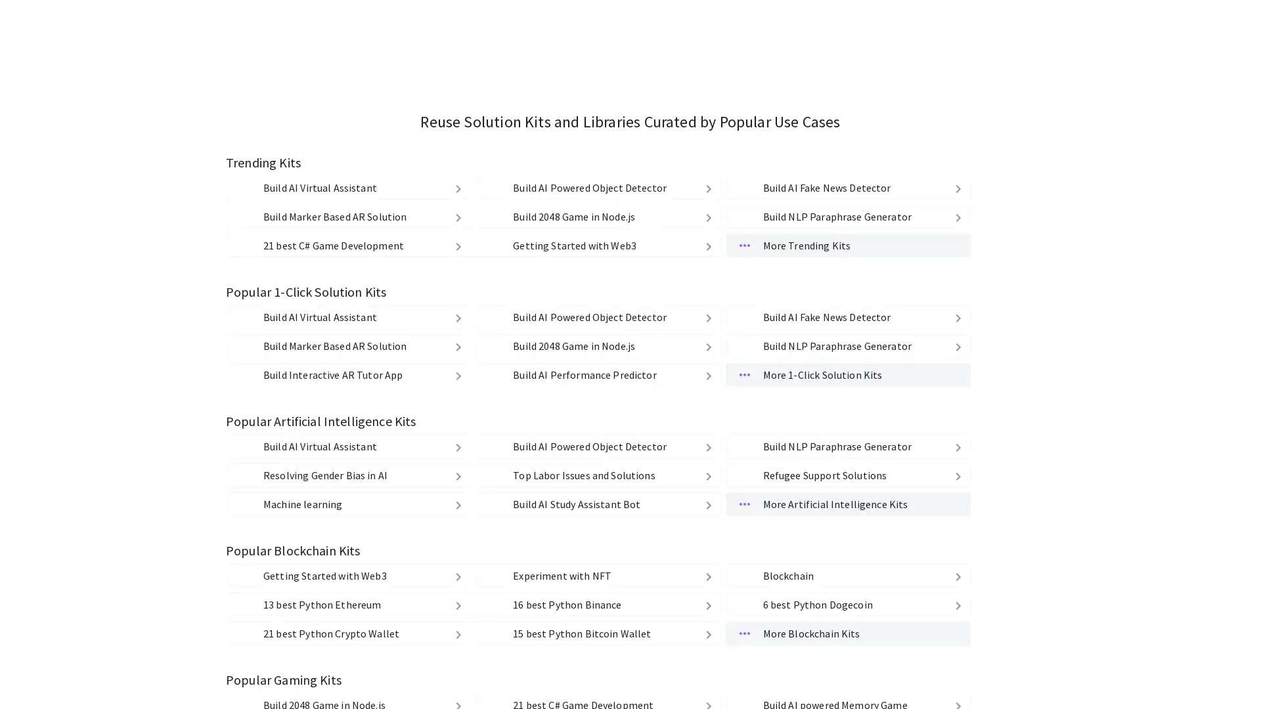 The height and width of the screenshot is (709, 1261). I want to click on Clear All, so click(996, 288).